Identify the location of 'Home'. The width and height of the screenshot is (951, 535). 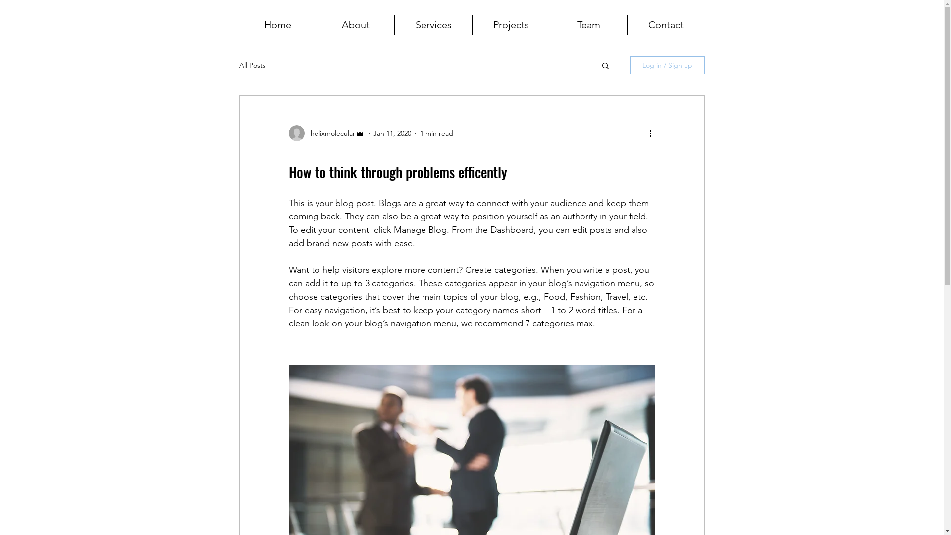
(277, 24).